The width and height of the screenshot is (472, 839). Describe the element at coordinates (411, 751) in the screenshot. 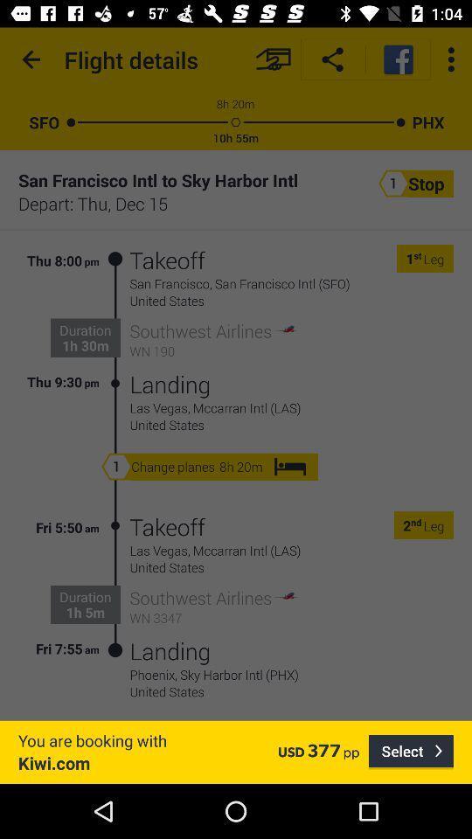

I see `item next to the pp icon` at that location.